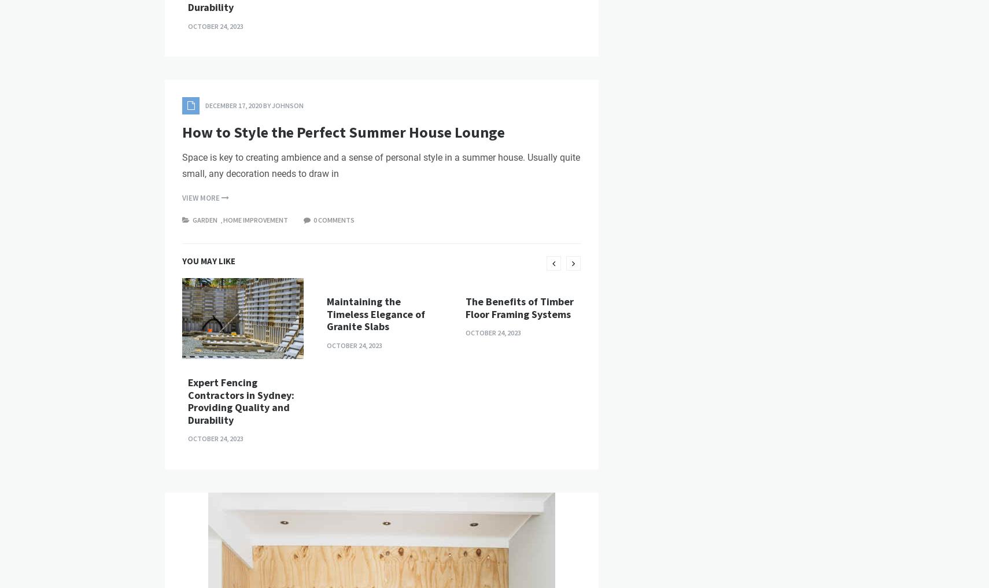 The width and height of the screenshot is (989, 588). Describe the element at coordinates (222, 416) in the screenshot. I see `'Home Improvement'` at that location.